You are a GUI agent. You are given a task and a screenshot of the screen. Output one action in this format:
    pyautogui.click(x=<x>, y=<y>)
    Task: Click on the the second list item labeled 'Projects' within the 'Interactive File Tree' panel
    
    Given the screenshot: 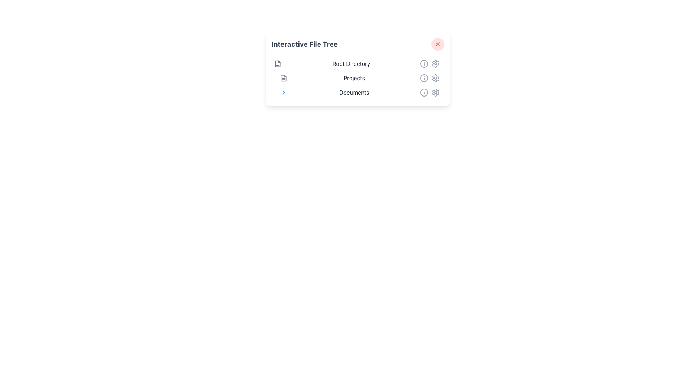 What is the action you would take?
    pyautogui.click(x=358, y=78)
    